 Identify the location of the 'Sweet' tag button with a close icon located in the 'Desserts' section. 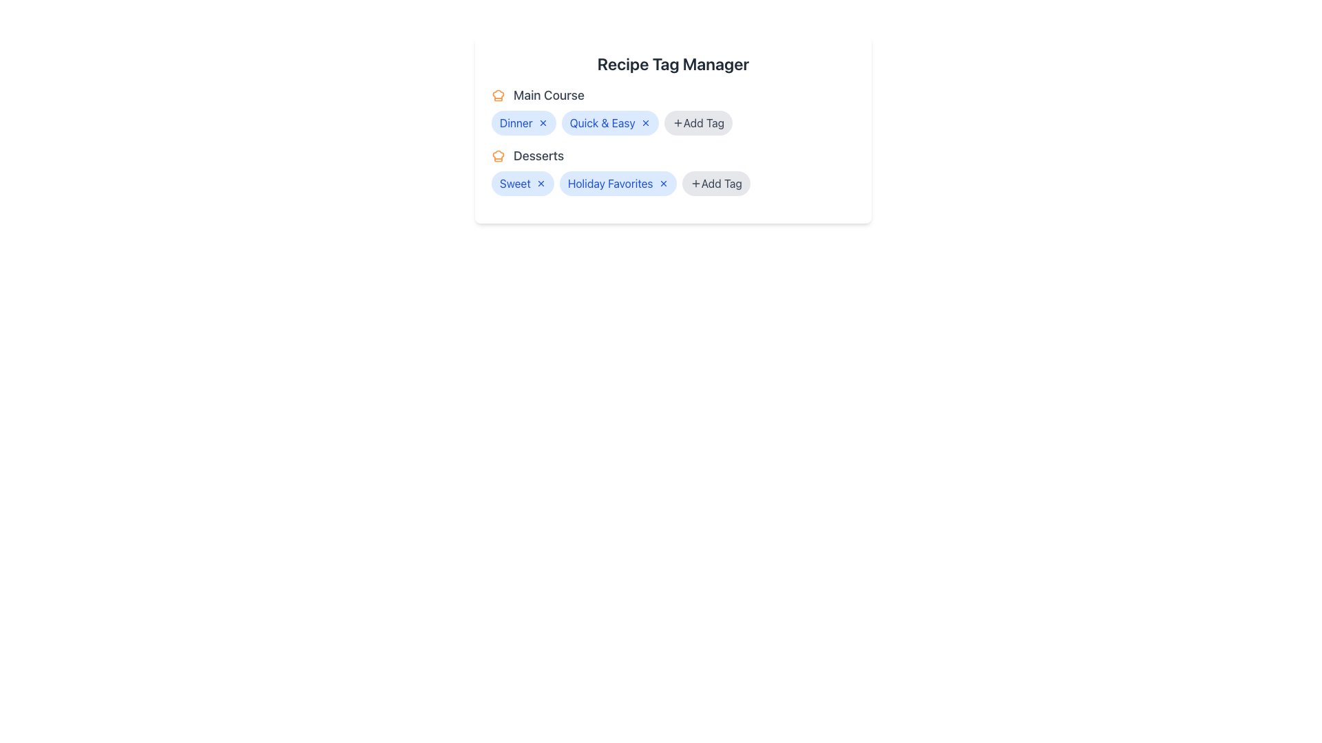
(522, 182).